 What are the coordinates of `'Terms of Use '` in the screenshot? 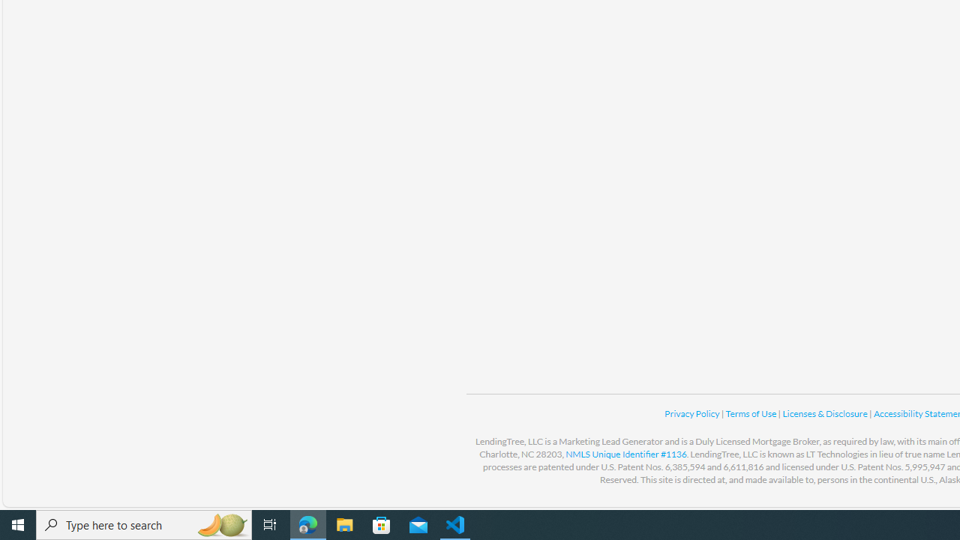 It's located at (751, 413).